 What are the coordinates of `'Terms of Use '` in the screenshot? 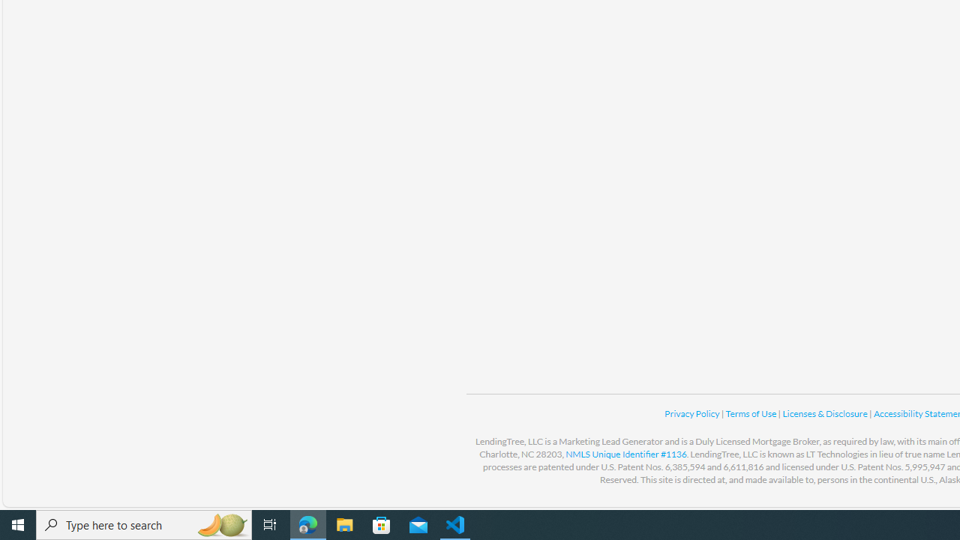 It's located at (751, 413).